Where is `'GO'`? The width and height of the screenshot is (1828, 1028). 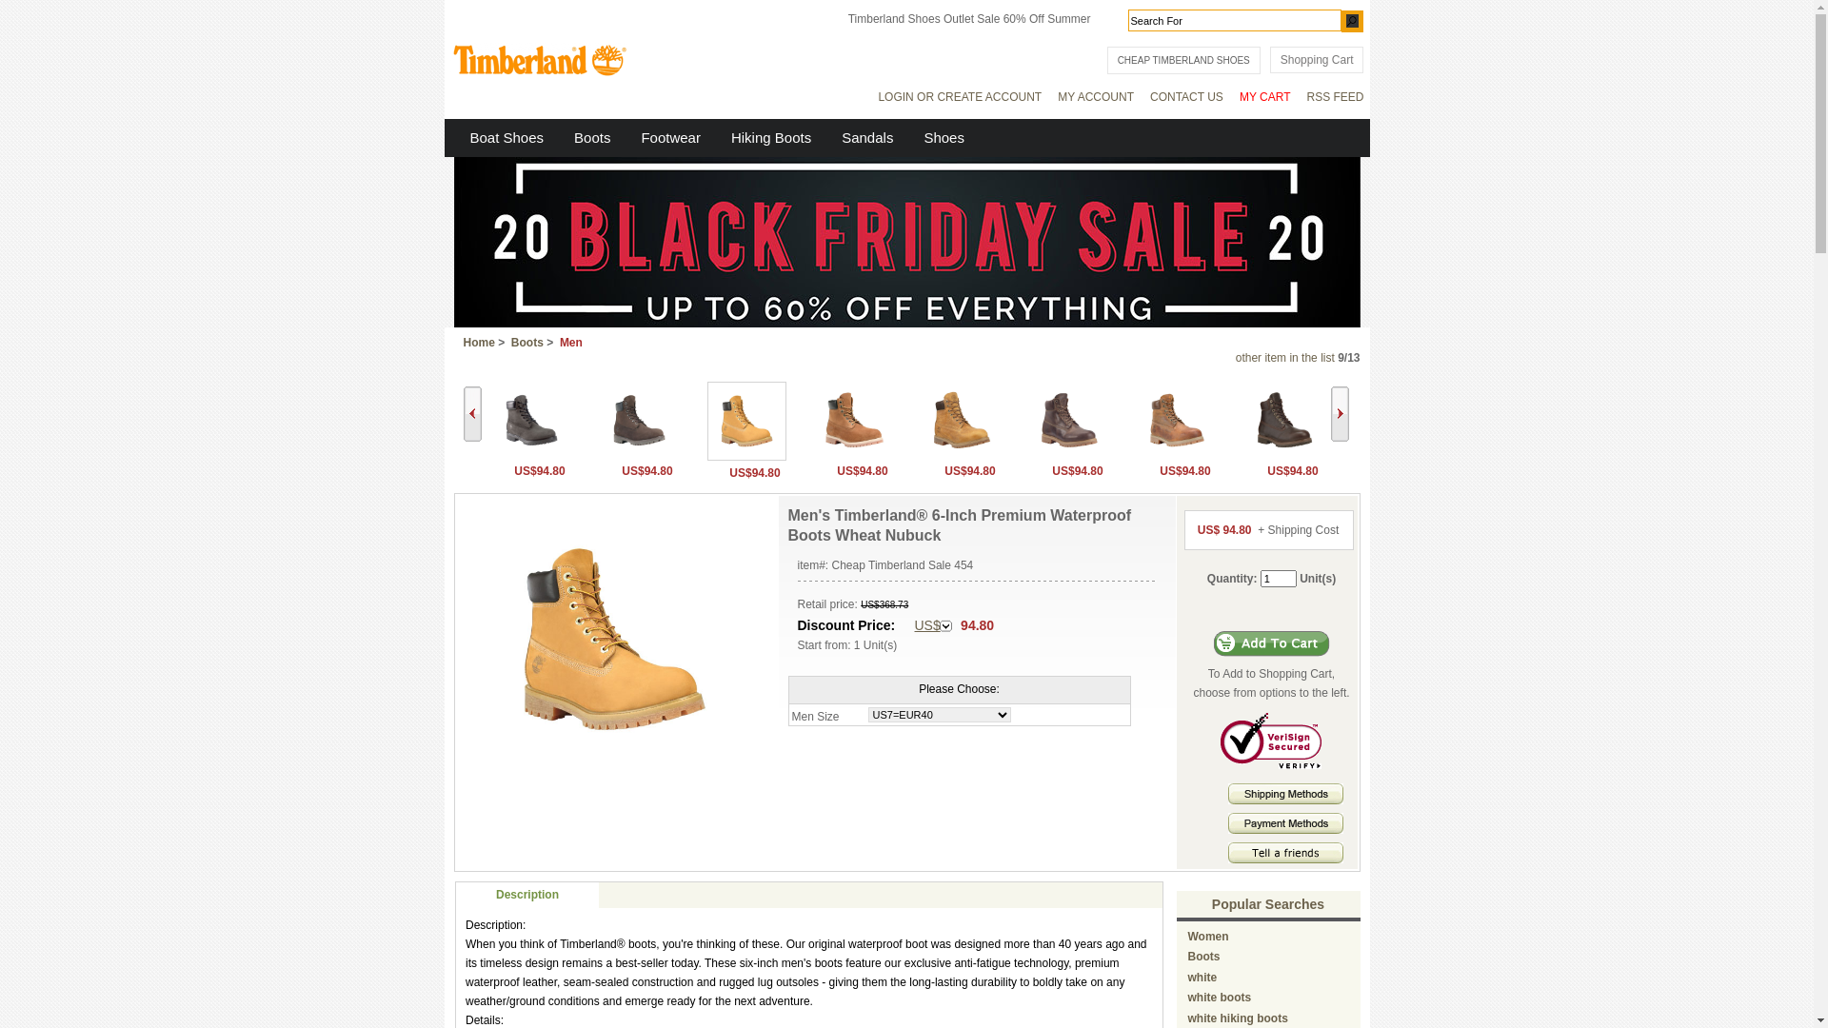
'GO' is located at coordinates (1341, 20).